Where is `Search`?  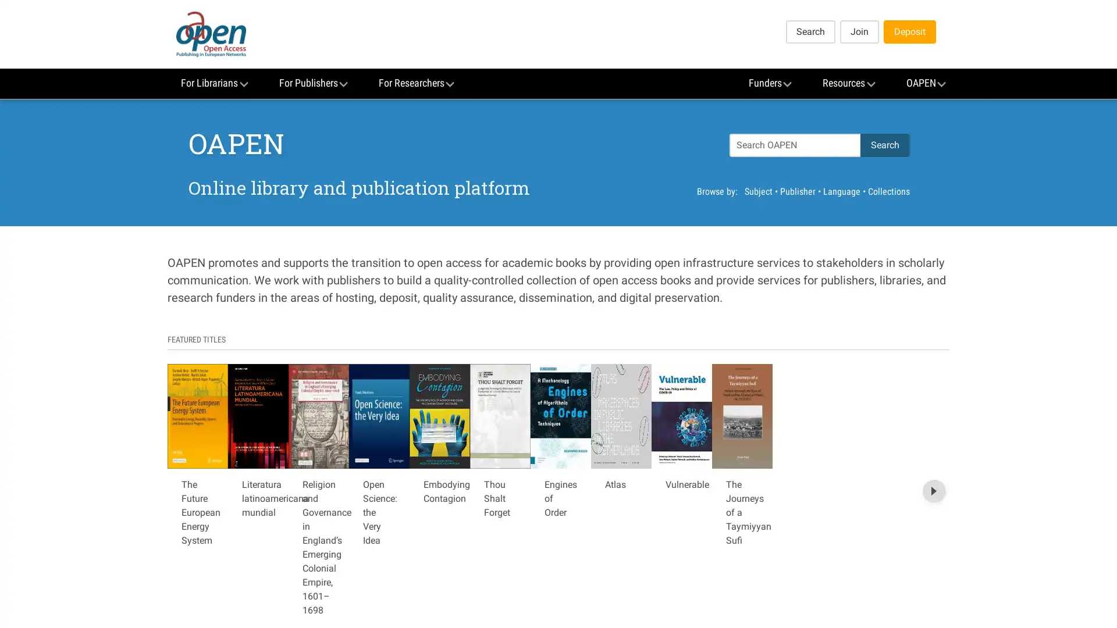 Search is located at coordinates (884, 144).